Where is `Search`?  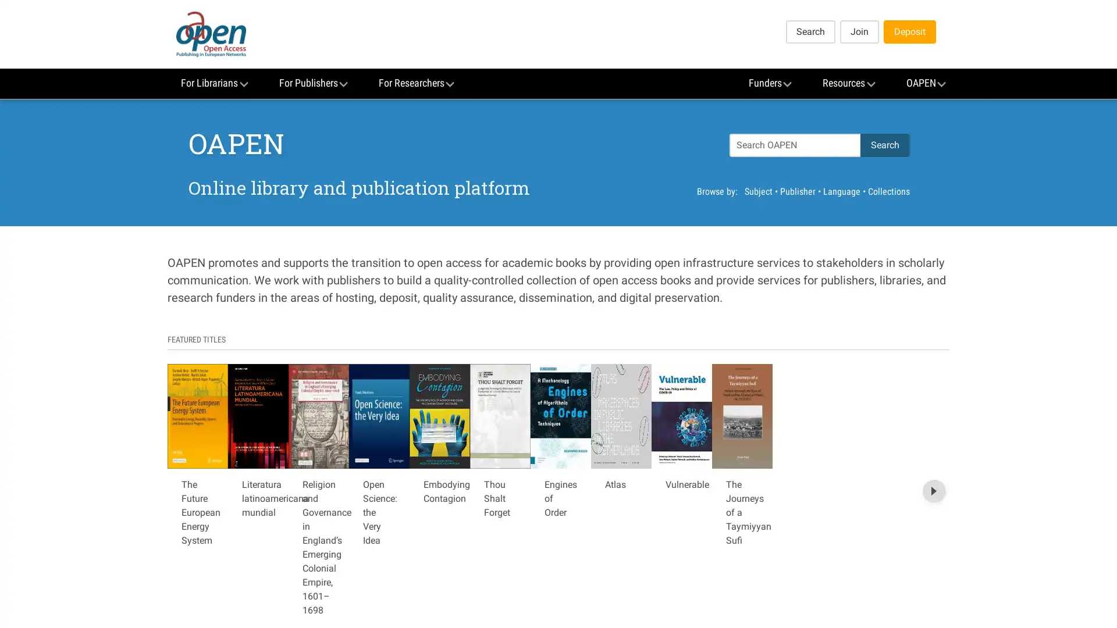 Search is located at coordinates (884, 144).